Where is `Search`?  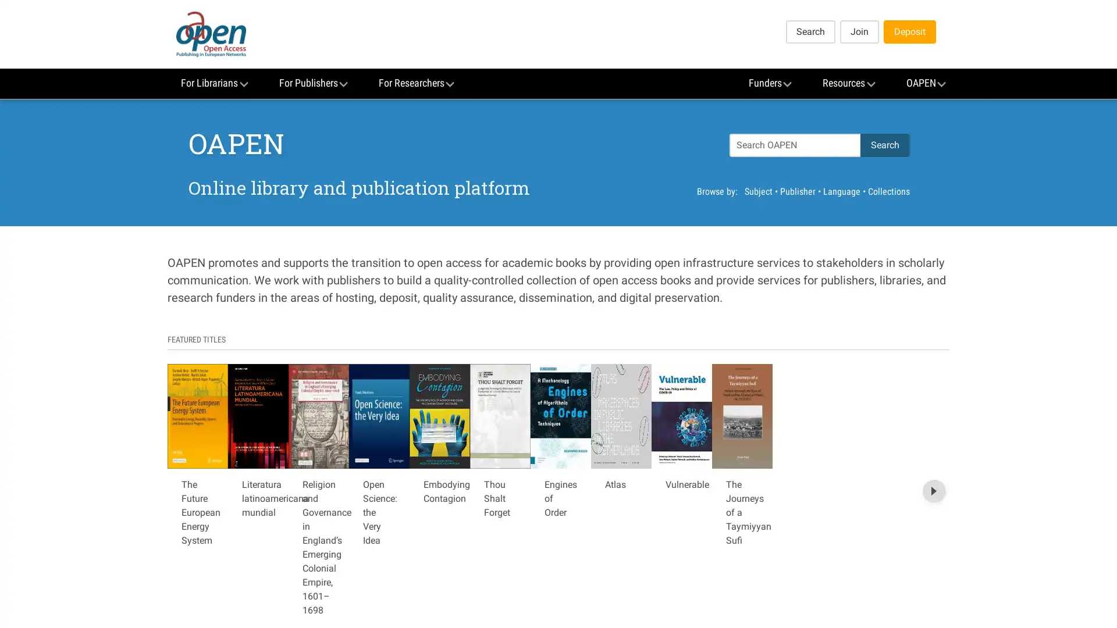 Search is located at coordinates (884, 144).